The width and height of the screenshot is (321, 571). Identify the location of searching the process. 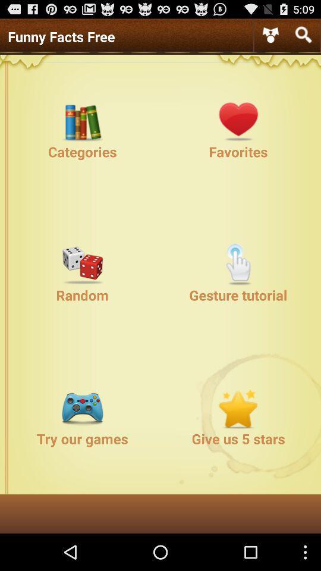
(303, 34).